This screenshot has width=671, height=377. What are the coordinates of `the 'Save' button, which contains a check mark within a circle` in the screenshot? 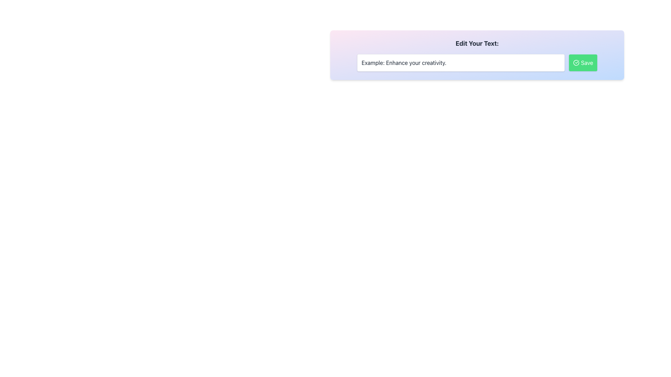 It's located at (576, 63).